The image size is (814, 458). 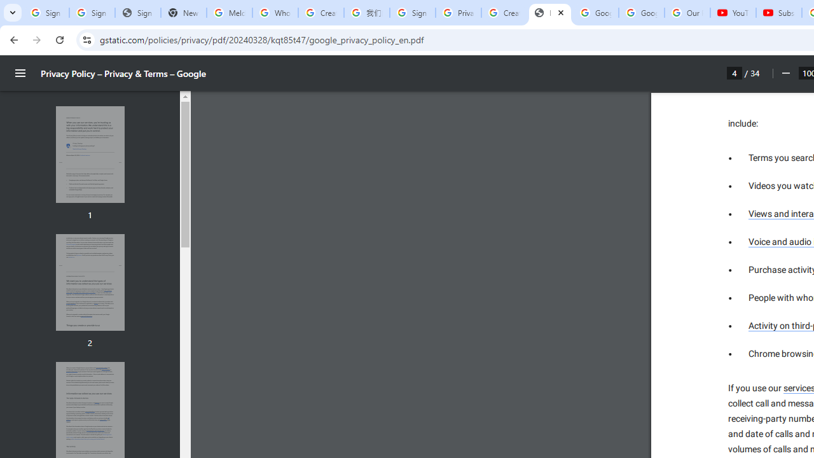 What do you see at coordinates (785, 73) in the screenshot?
I see `'Zoom out'` at bounding box center [785, 73].